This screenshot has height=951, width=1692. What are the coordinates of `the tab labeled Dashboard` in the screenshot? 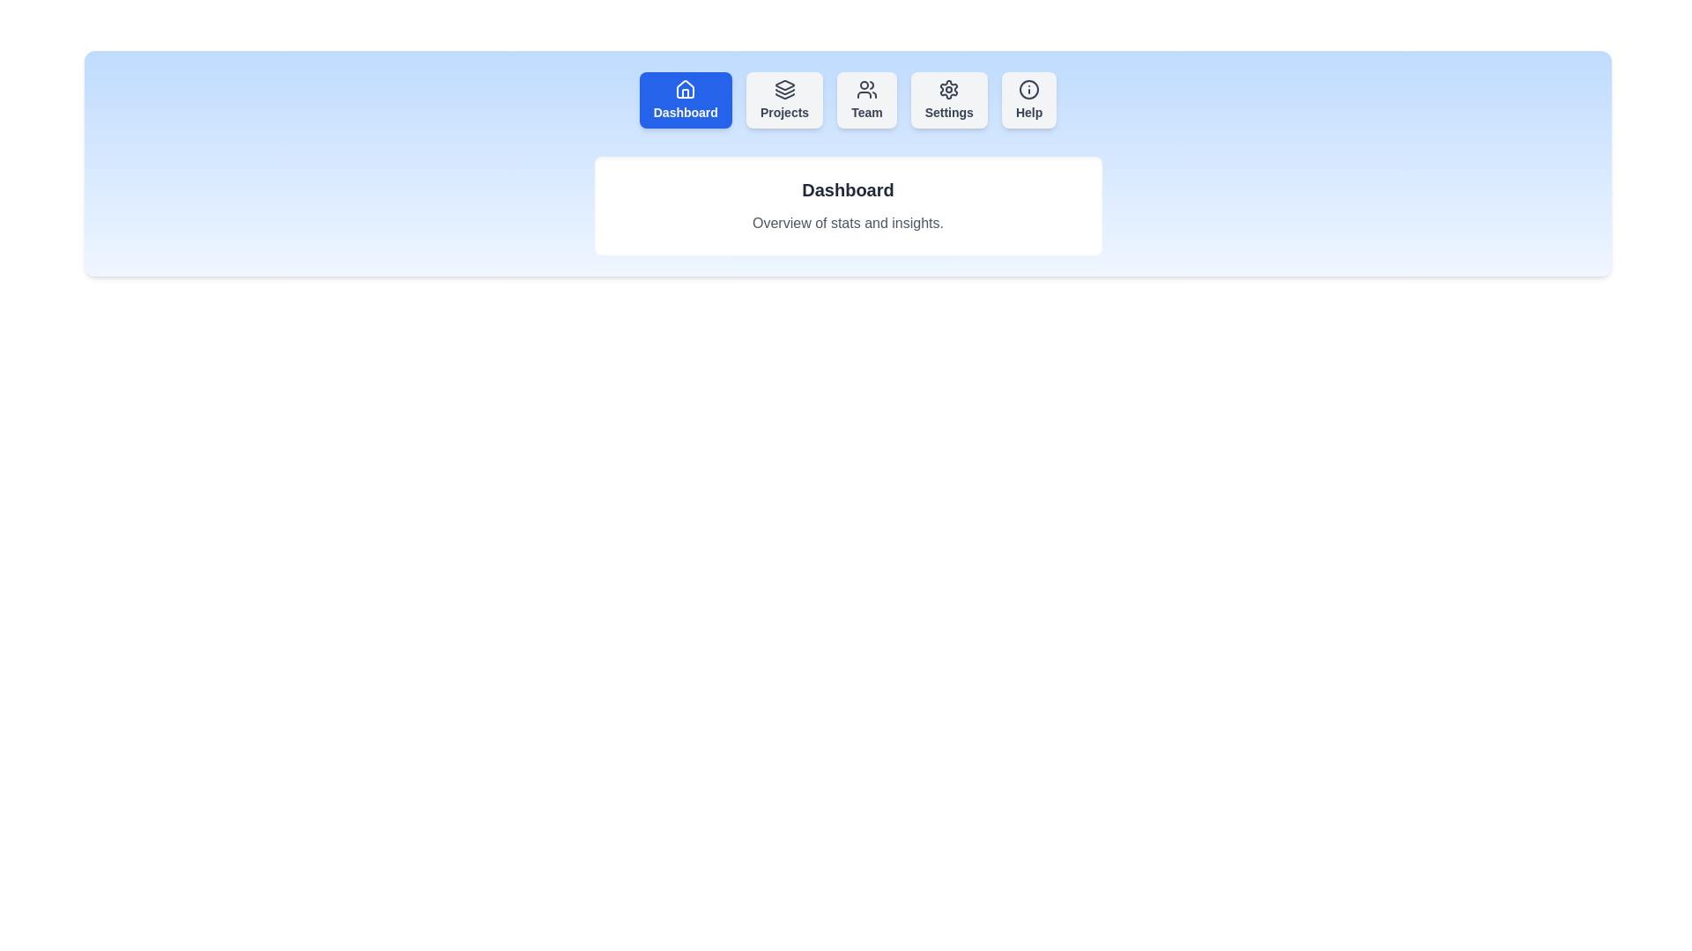 It's located at (685, 100).